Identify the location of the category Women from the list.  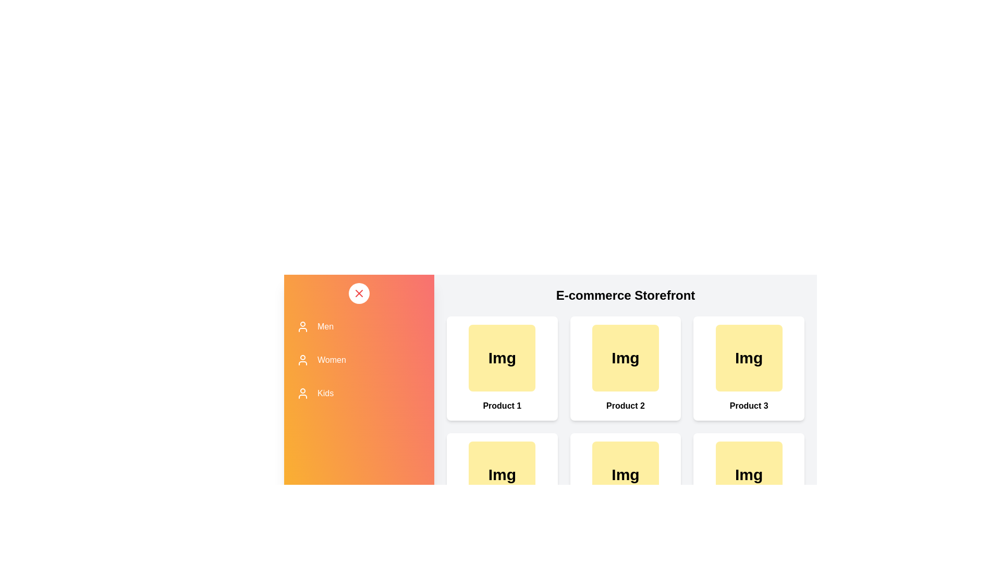
(359, 359).